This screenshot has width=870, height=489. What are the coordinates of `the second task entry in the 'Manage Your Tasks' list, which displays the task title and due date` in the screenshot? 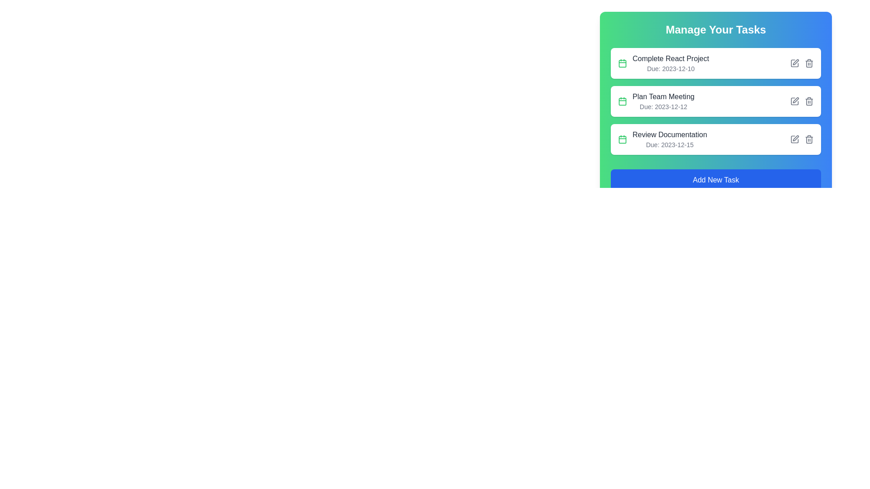 It's located at (656, 101).